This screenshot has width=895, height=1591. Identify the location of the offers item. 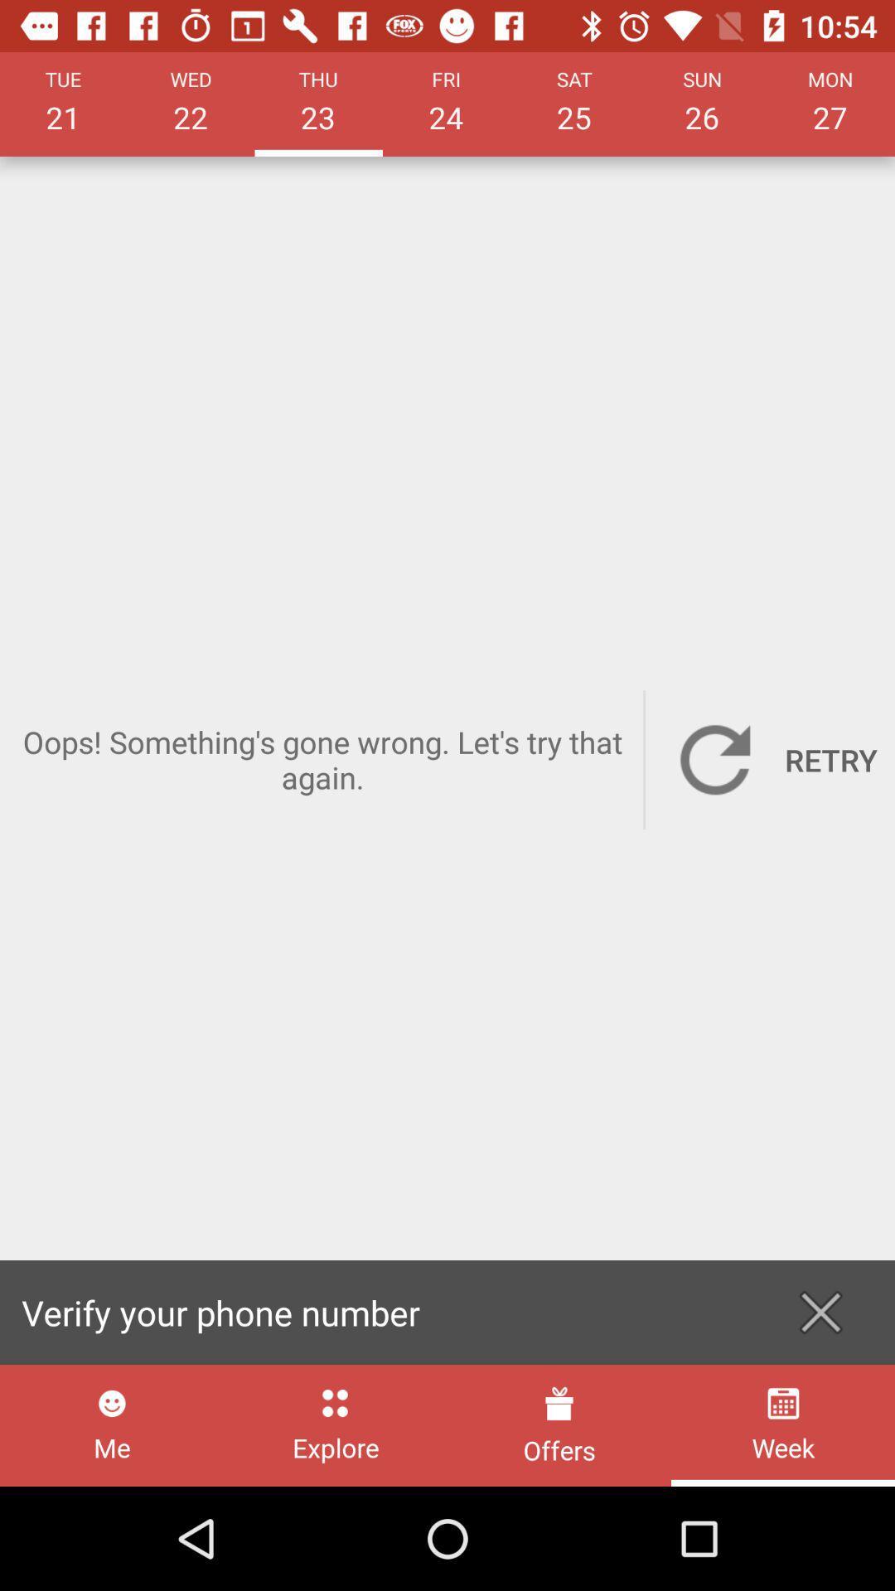
(559, 1424).